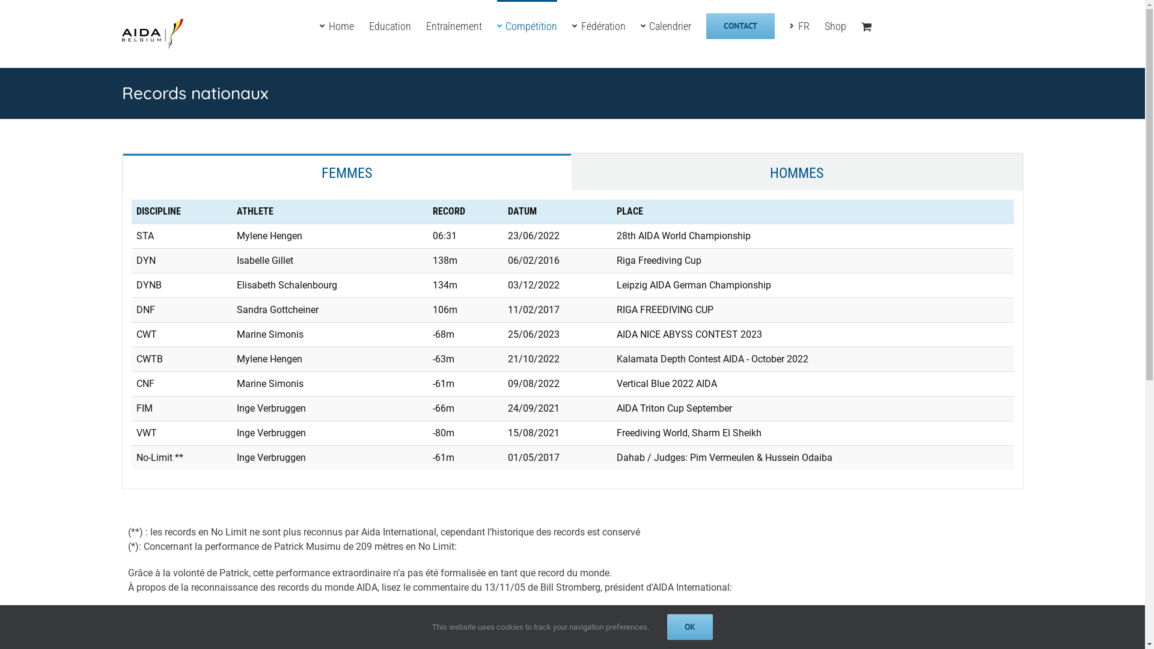 Image resolution: width=1154 pixels, height=649 pixels. I want to click on 'Calendrier', so click(665, 25).